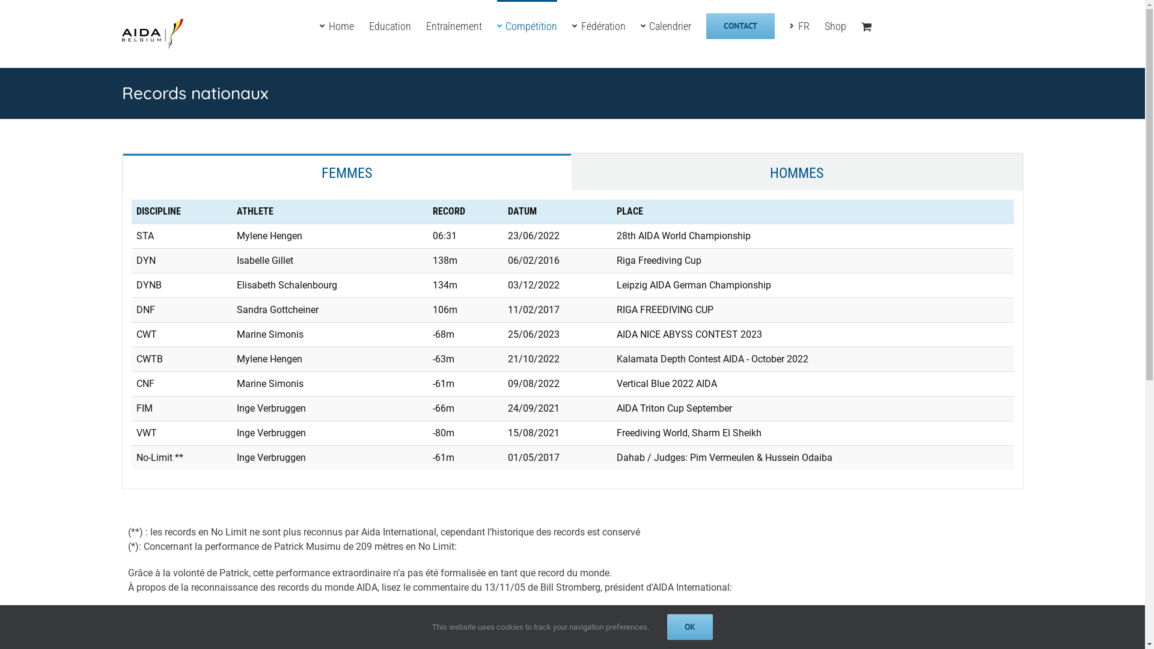 Image resolution: width=1154 pixels, height=649 pixels. I want to click on 'Calendrier', so click(665, 25).